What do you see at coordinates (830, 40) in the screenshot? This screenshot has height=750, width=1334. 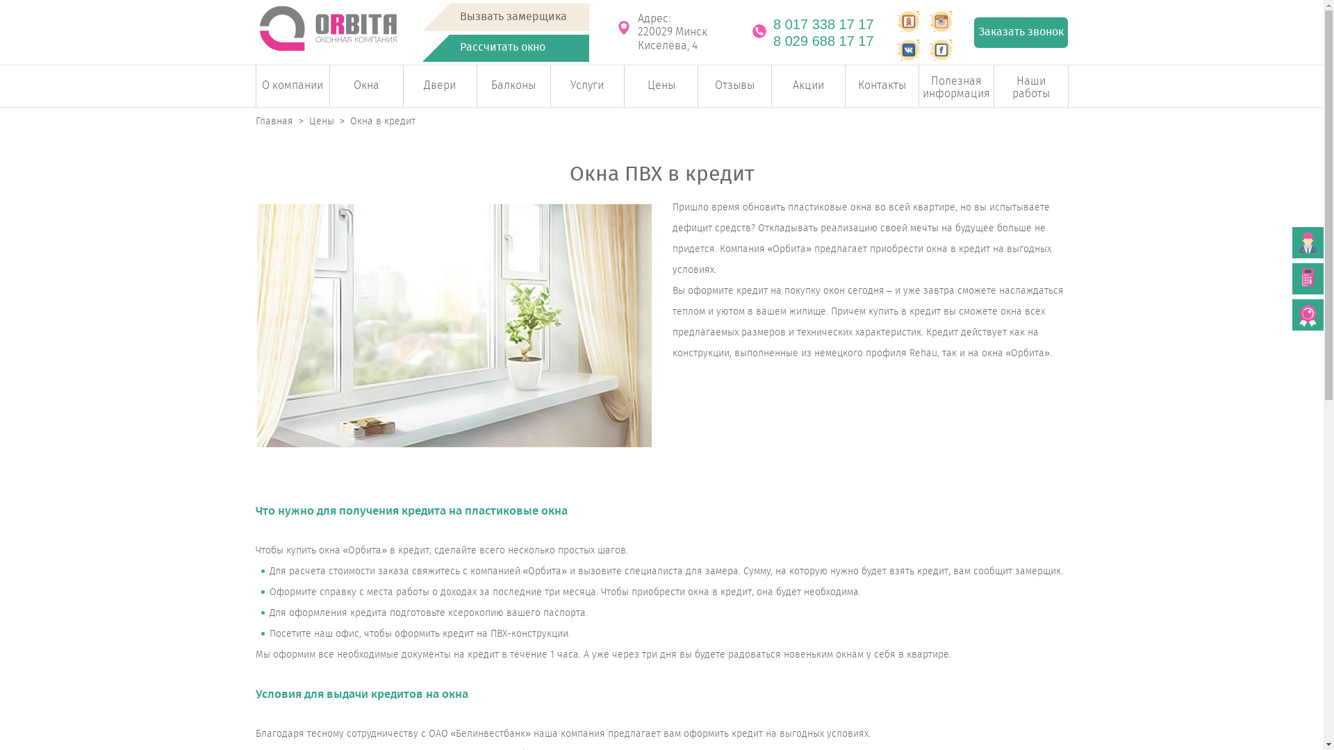 I see `'8 029 688 17 17'` at bounding box center [830, 40].